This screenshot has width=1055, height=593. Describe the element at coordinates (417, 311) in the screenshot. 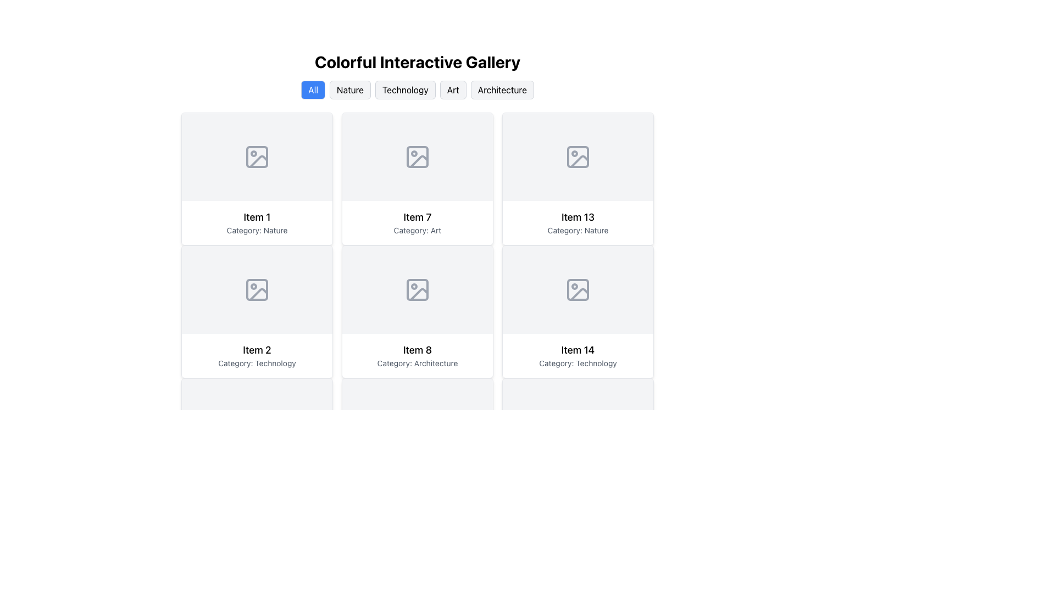

I see `the card element displaying 'Item 8' with the subtitle 'Category: Architecture', which is located in the second row and second column of the grid layout` at that location.